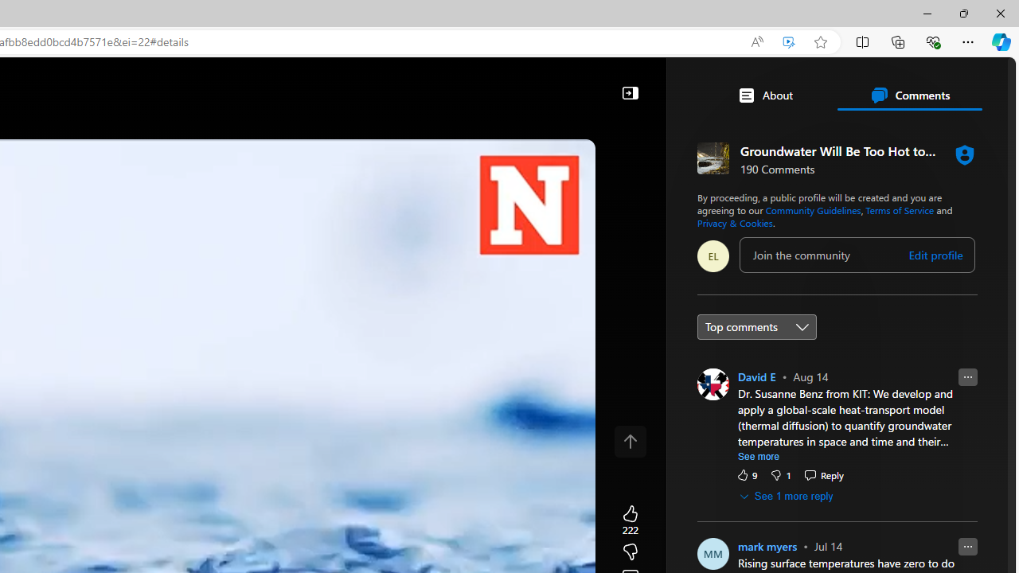 The height and width of the screenshot is (573, 1019). What do you see at coordinates (756, 326) in the screenshot?
I see `'Sort comments by'` at bounding box center [756, 326].